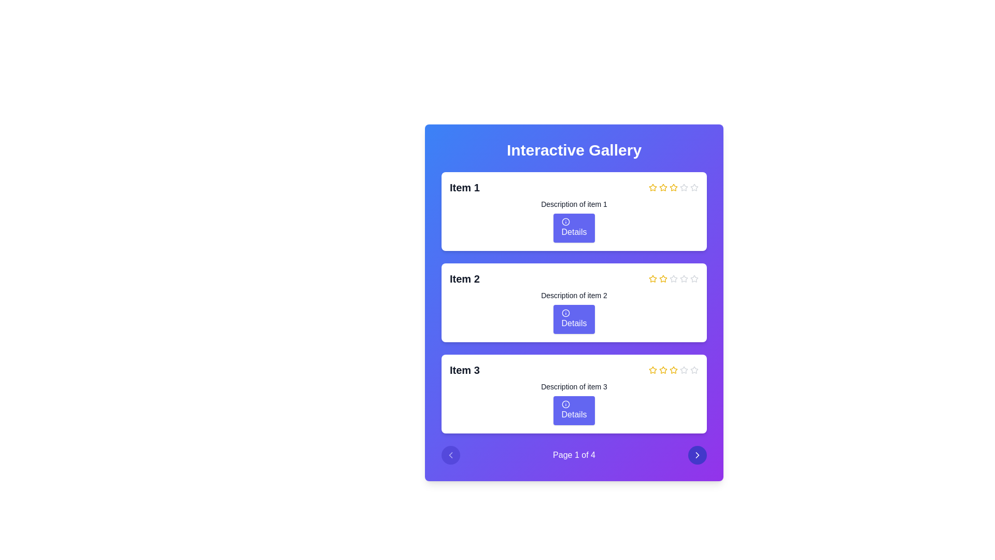  What do you see at coordinates (663, 278) in the screenshot?
I see `the second star icon in the rating system for 'Item 2' in the gallery for accessibility purposes` at bounding box center [663, 278].